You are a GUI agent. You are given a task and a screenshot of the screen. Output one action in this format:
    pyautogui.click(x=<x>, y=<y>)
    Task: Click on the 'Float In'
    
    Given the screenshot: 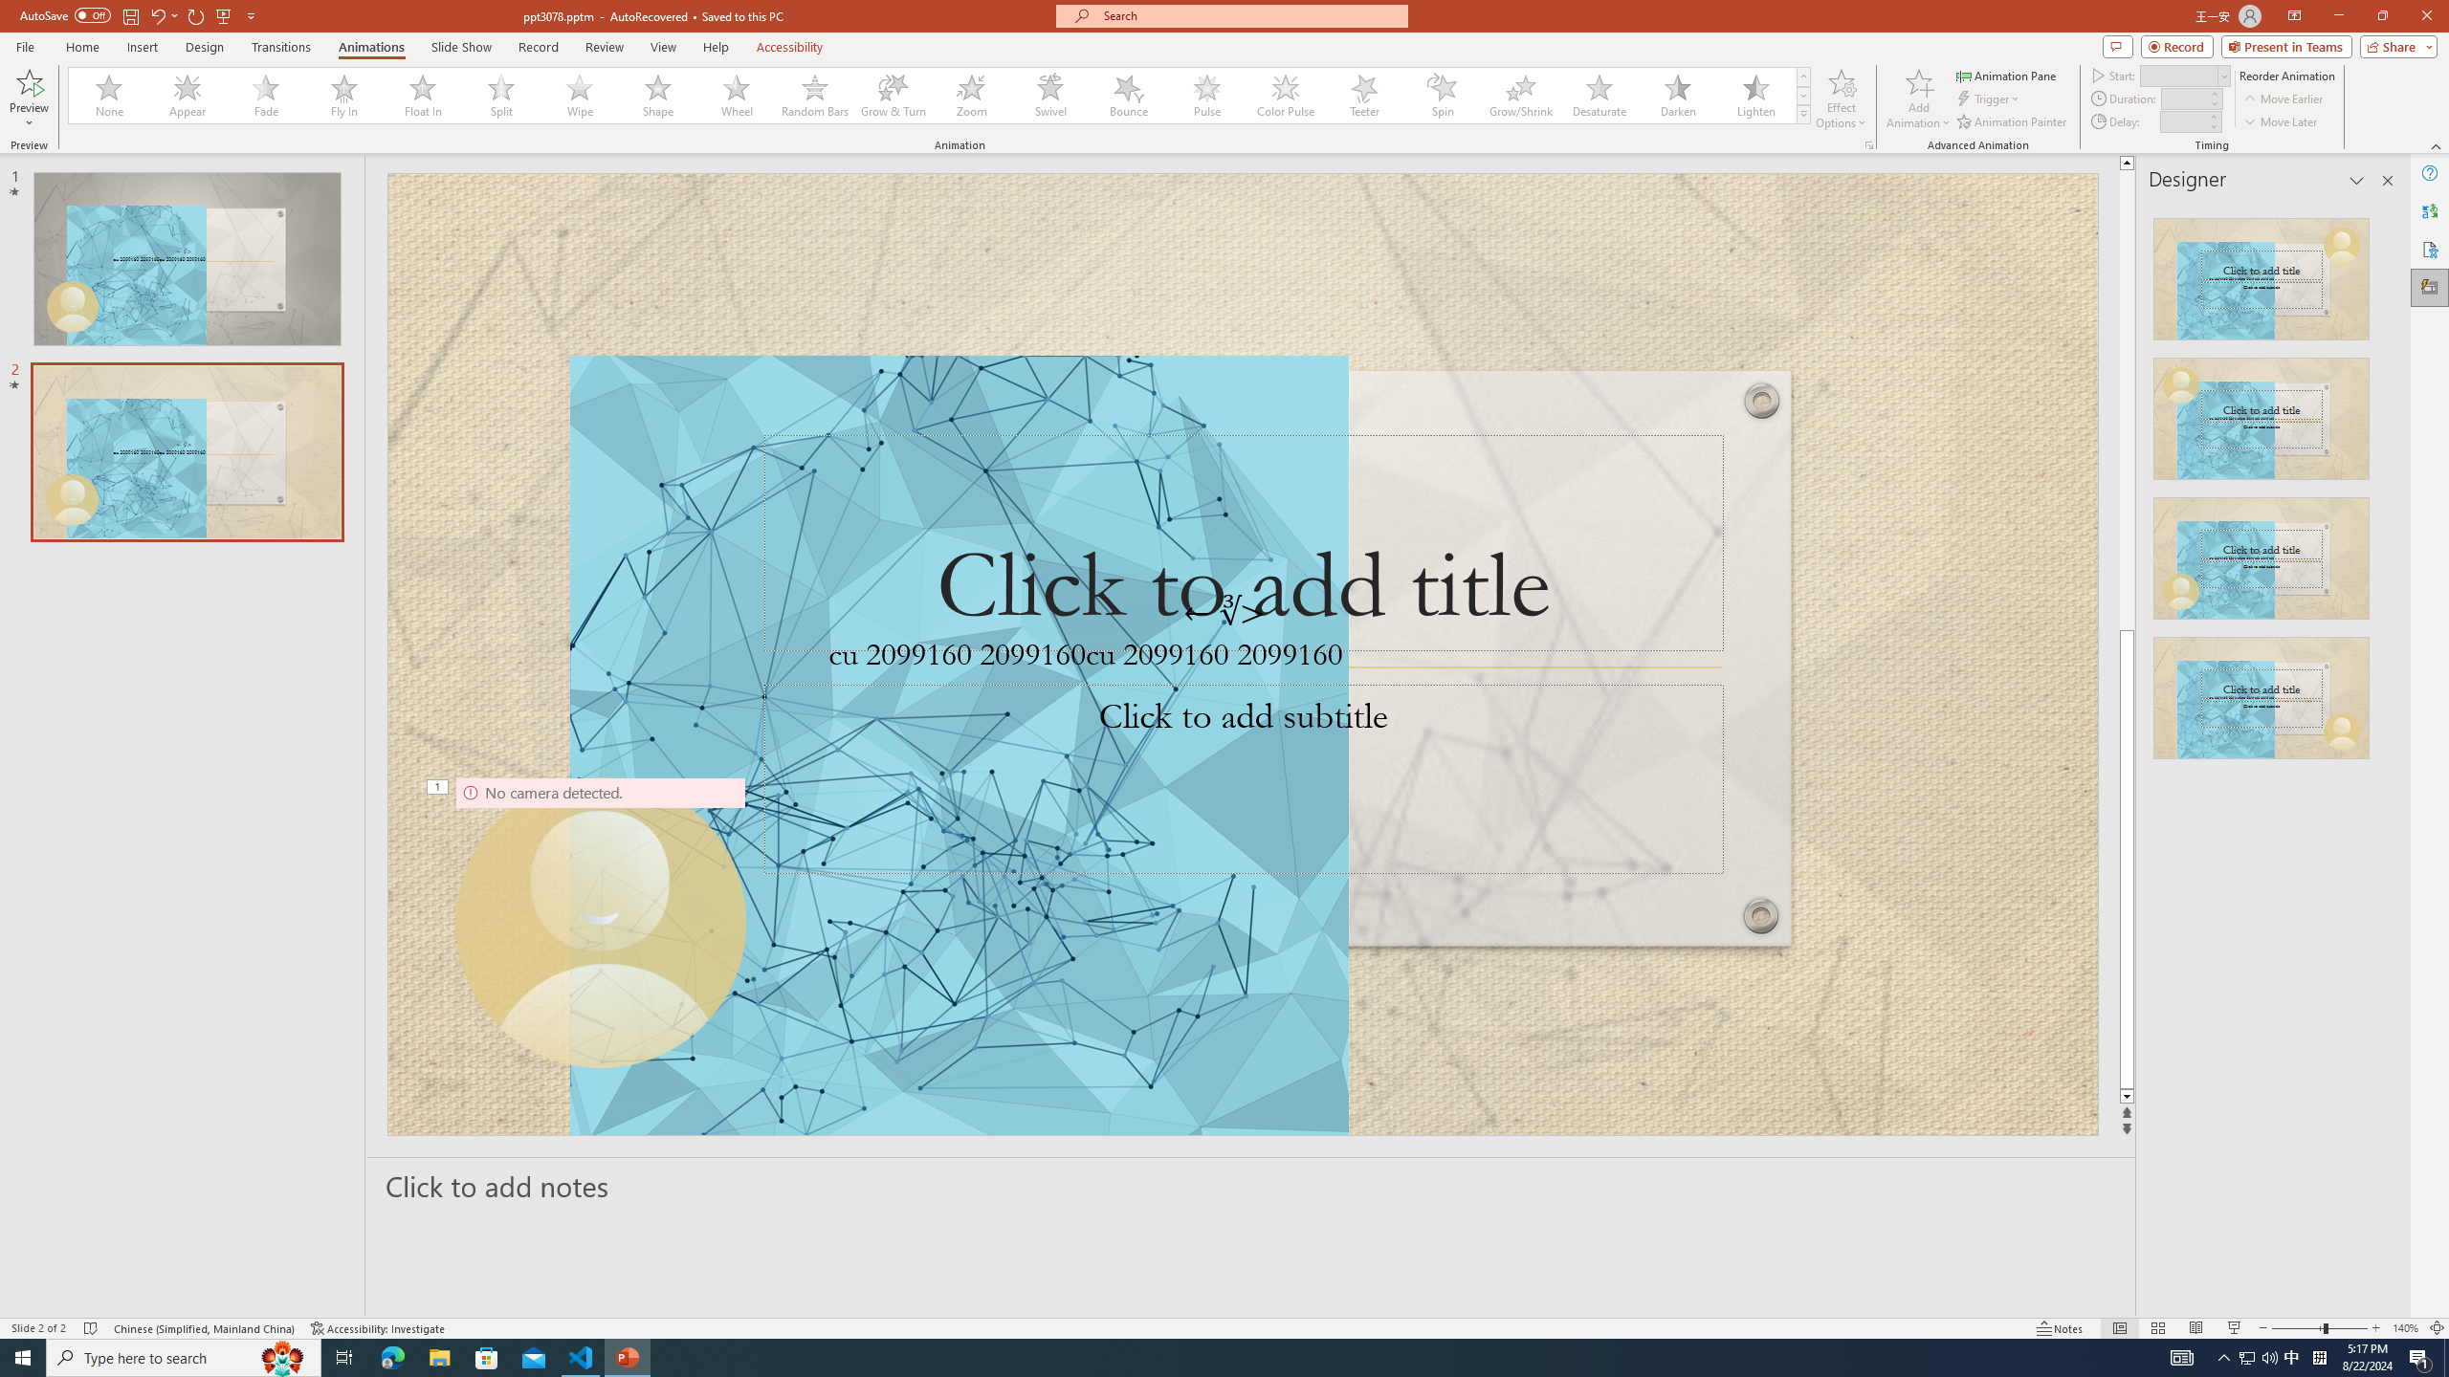 What is the action you would take?
    pyautogui.click(x=422, y=95)
    